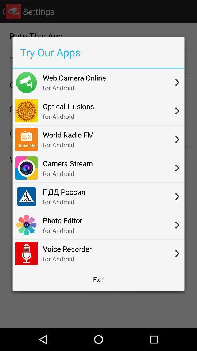 Image resolution: width=197 pixels, height=351 pixels. I want to click on the exit, so click(98, 279).